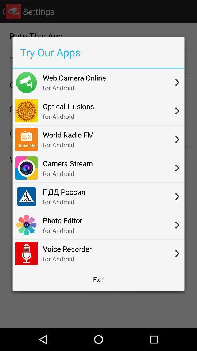 Image resolution: width=197 pixels, height=351 pixels. I want to click on the exit, so click(98, 279).